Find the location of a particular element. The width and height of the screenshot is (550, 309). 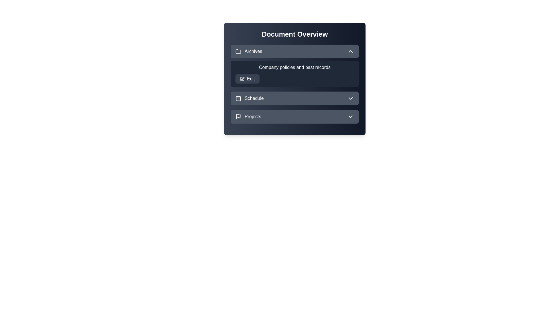

'Edit' button in the expanded 'Archives' section is located at coordinates (247, 79).